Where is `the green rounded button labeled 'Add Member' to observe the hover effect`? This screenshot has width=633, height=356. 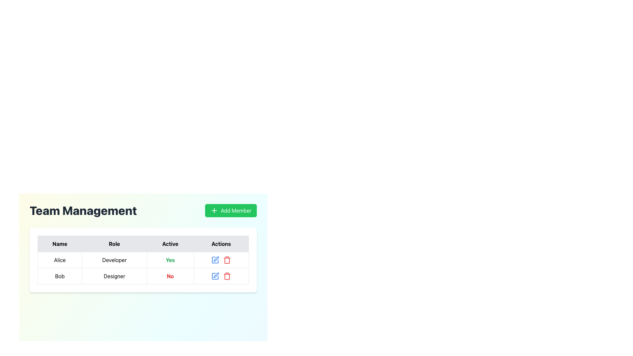 the green rounded button labeled 'Add Member' to observe the hover effect is located at coordinates (231, 211).